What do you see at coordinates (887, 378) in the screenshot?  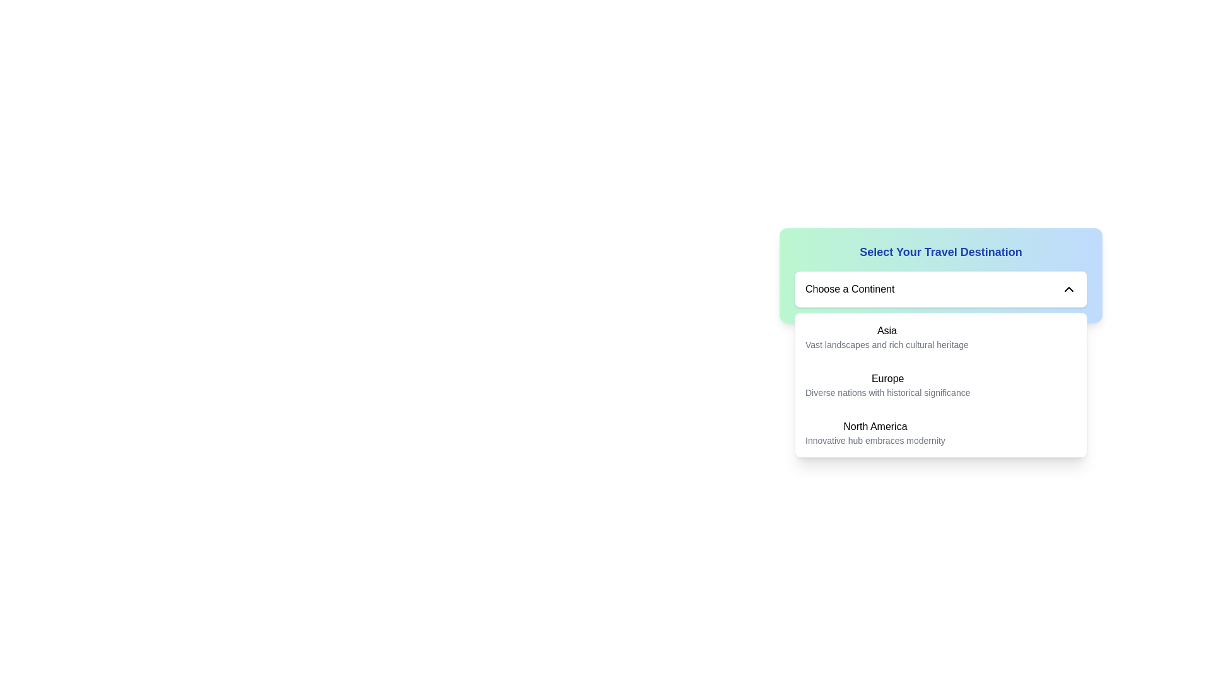 I see `the text label displaying 'Europe' in the dropdown list titled 'Select Your Travel Destination'` at bounding box center [887, 378].